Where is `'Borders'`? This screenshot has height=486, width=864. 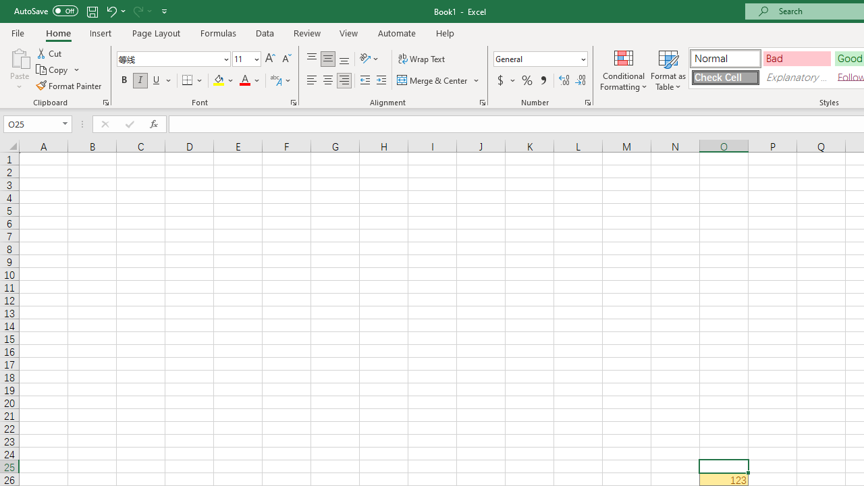 'Borders' is located at coordinates (192, 80).